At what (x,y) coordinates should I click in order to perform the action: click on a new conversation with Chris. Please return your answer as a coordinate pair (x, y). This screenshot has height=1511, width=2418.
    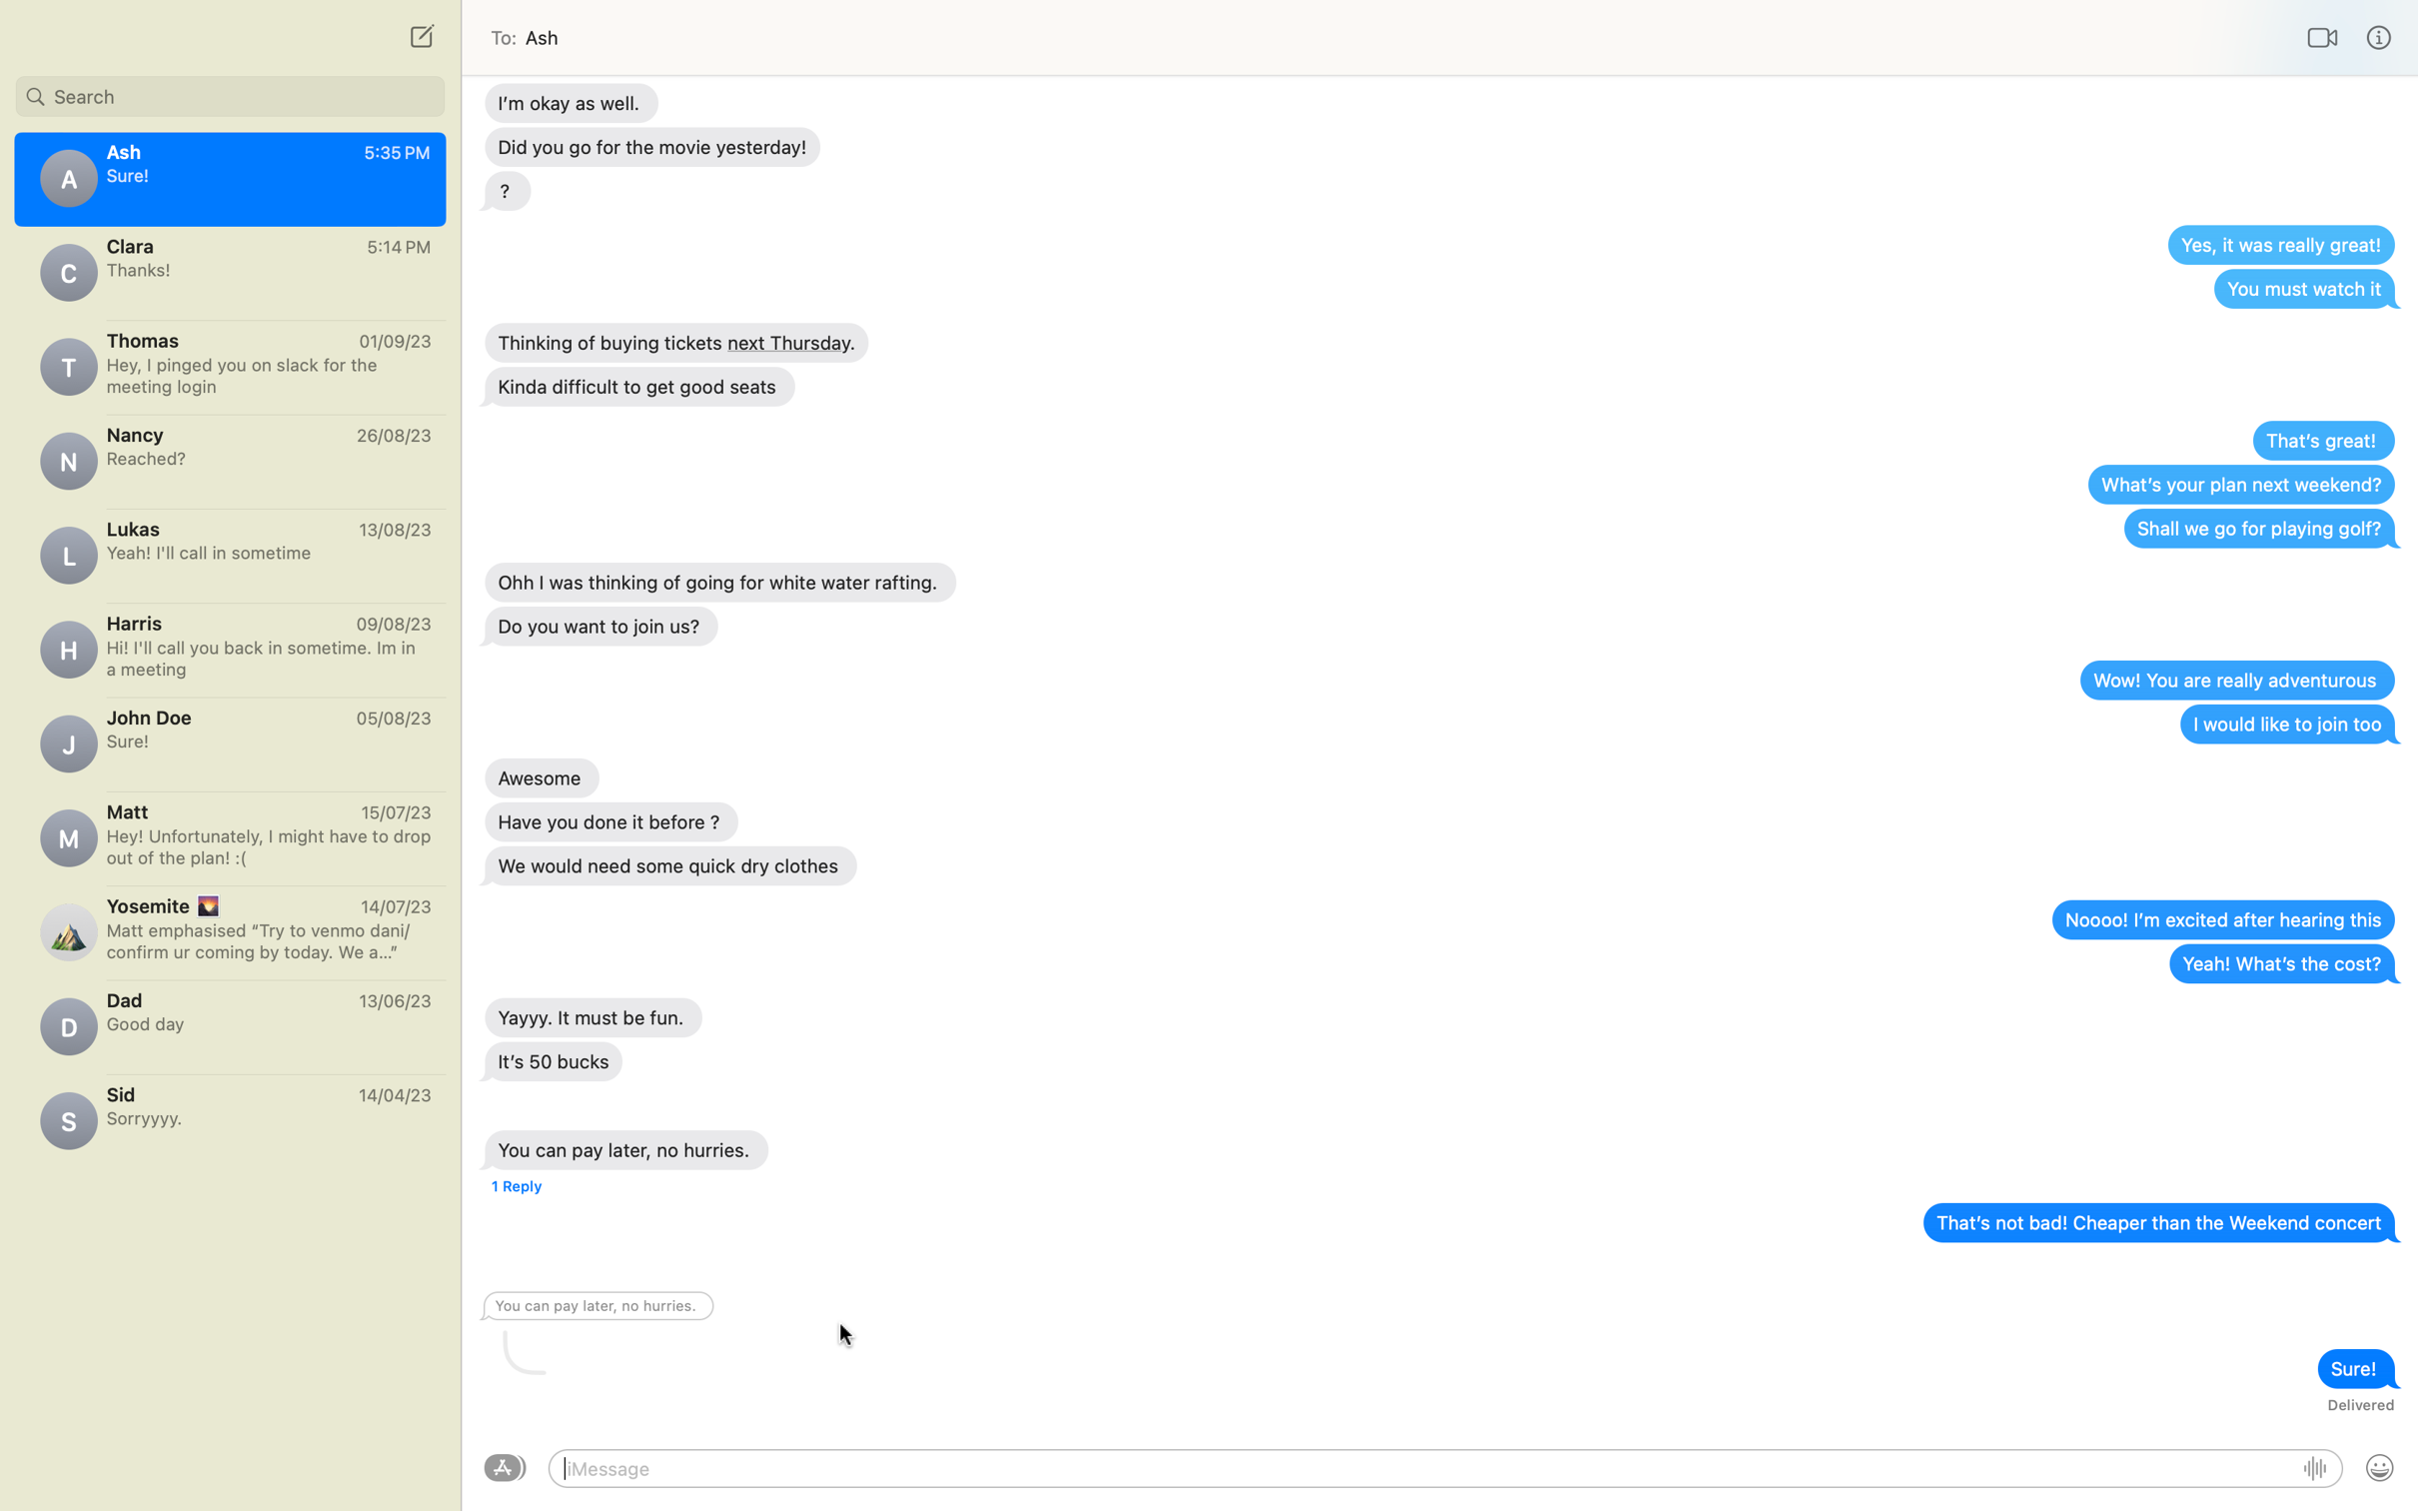
    Looking at the image, I should click on (419, 35).